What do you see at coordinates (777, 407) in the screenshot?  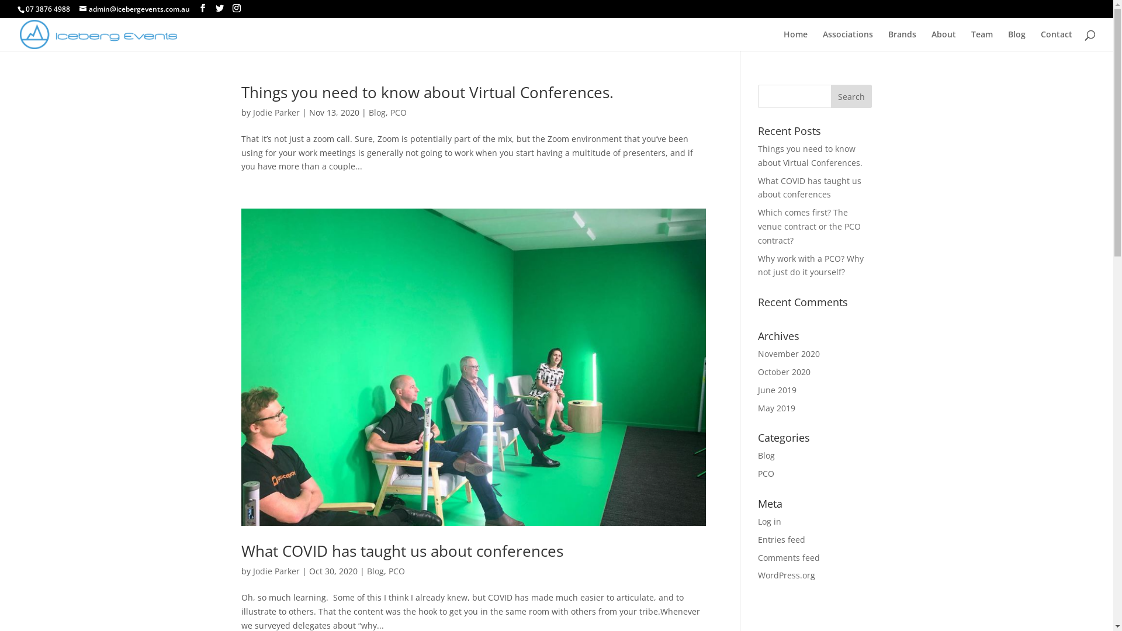 I see `'May 2019'` at bounding box center [777, 407].